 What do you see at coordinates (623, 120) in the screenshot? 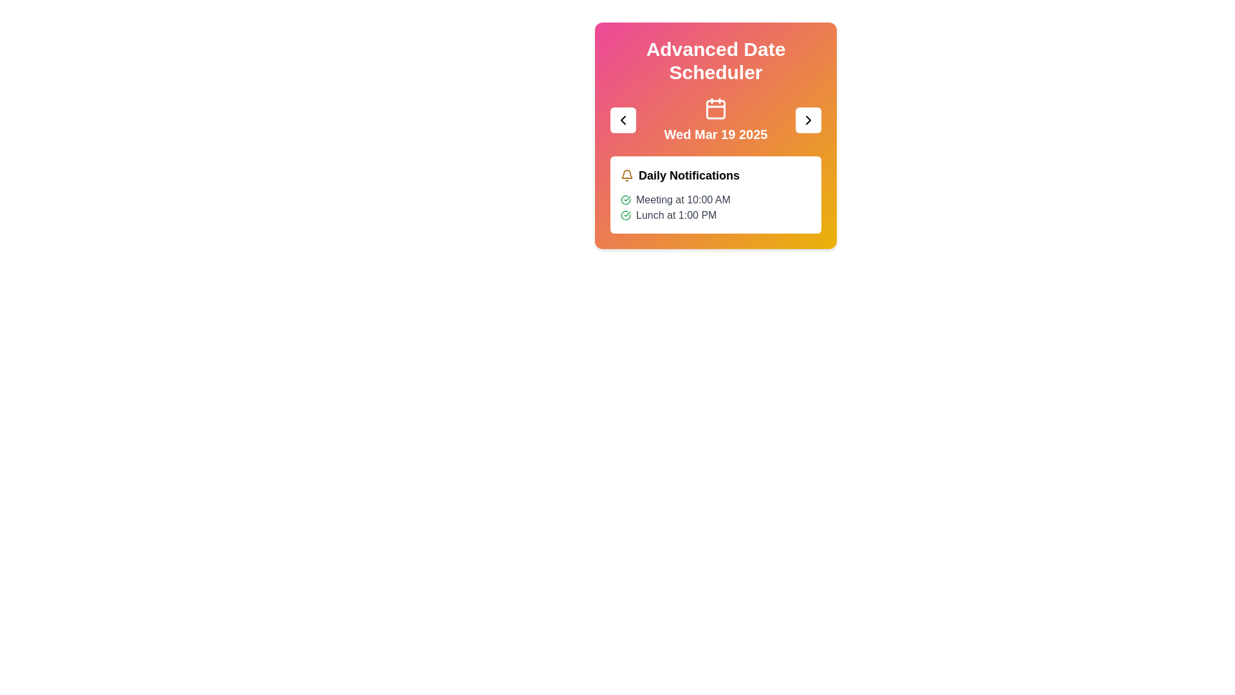
I see `the 'Previous' navigation button located at the leftmost position in the date scheduler interface` at bounding box center [623, 120].